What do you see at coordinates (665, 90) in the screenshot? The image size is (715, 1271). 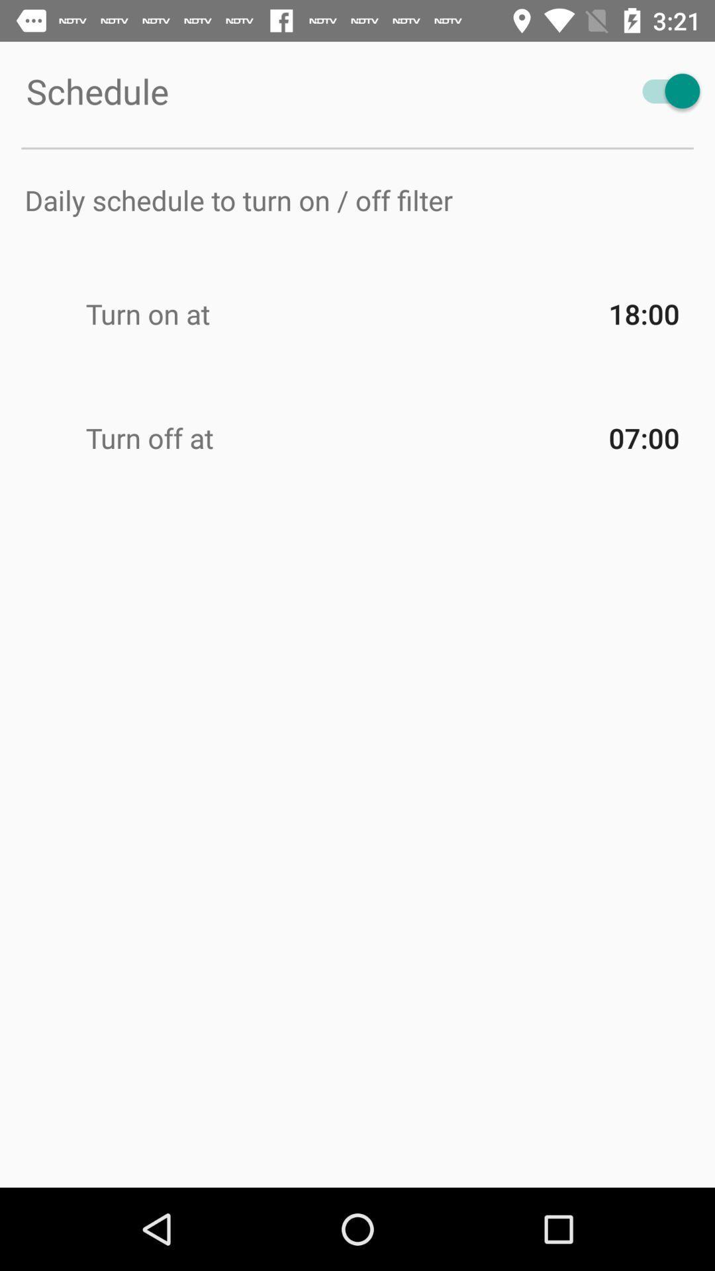 I see `item to the right of schedule` at bounding box center [665, 90].